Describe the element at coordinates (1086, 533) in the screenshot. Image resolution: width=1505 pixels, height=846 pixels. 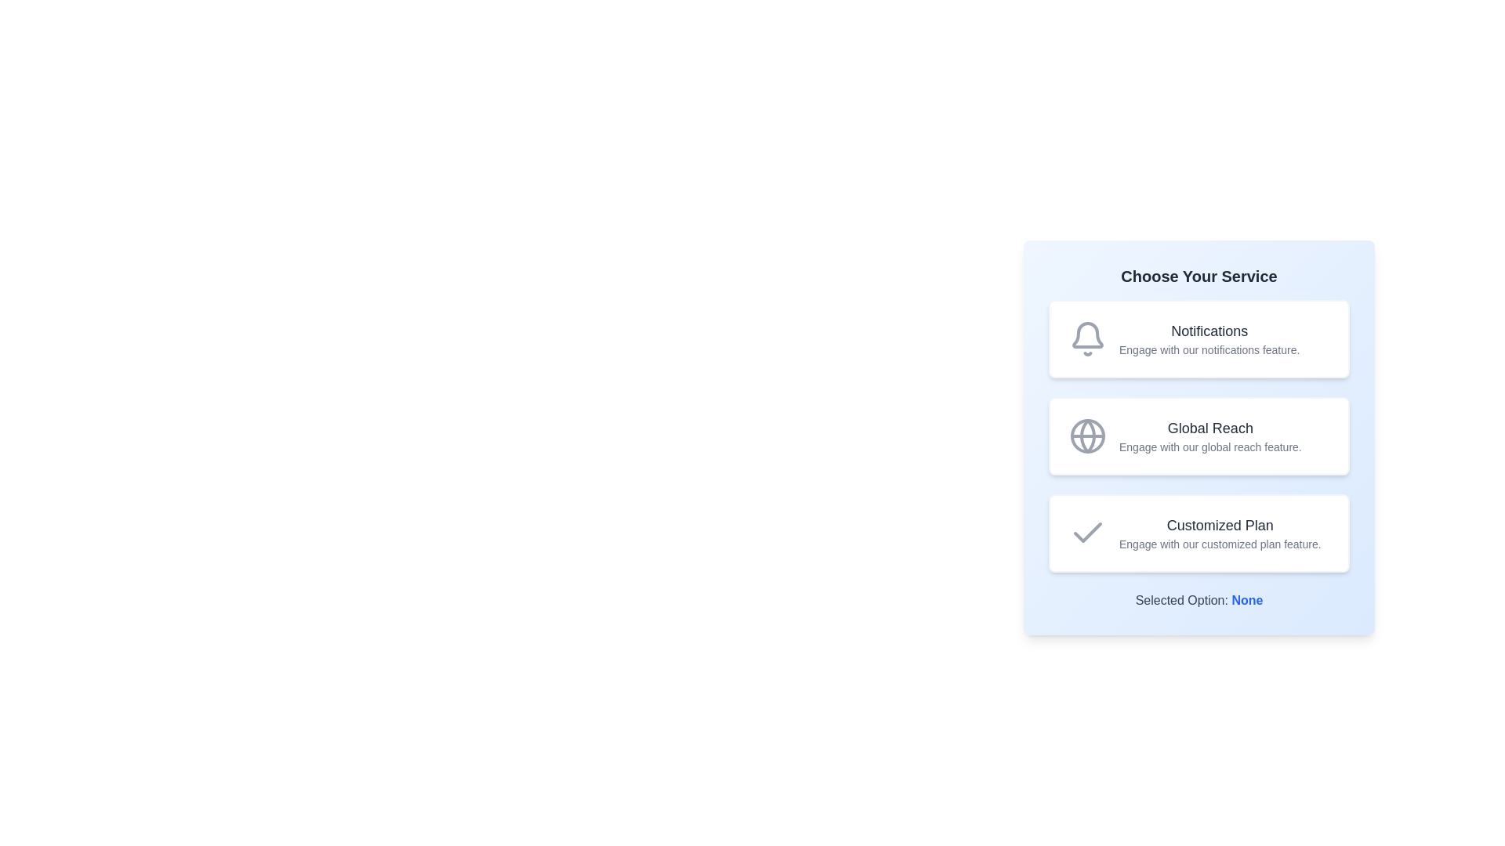
I see `the icon indicating the selection state of the 'Customized Plan' option, located on the left side within the 'Customized Plan' card` at that location.